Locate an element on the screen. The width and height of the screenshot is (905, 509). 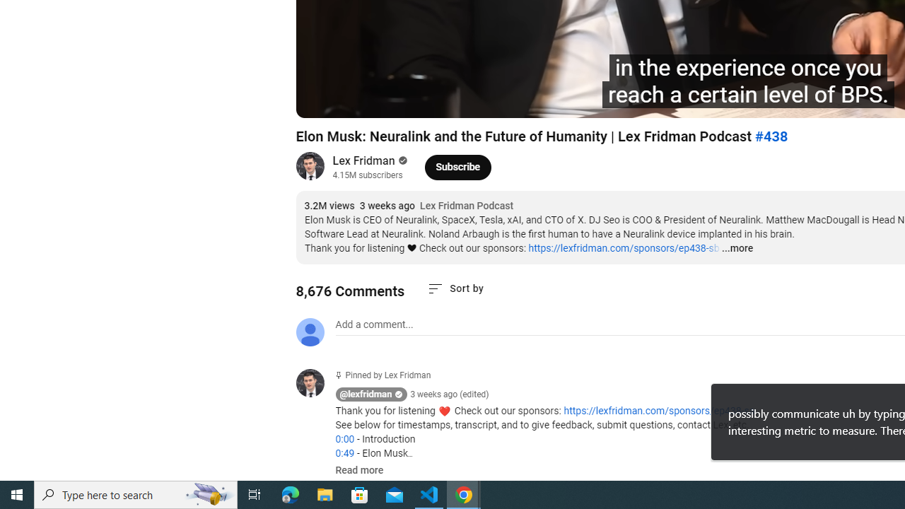
'0:49' is located at coordinates (344, 453).